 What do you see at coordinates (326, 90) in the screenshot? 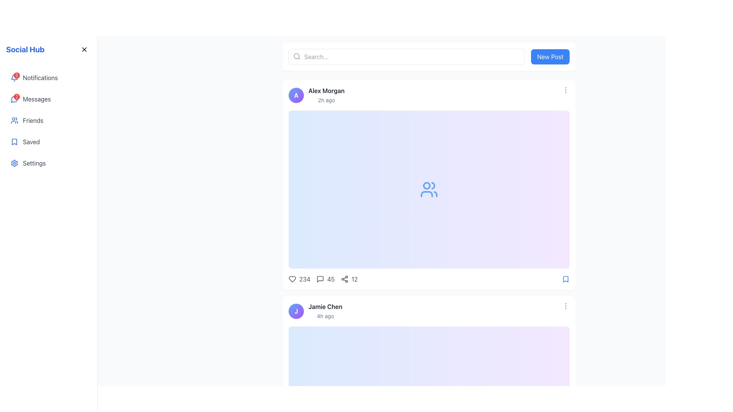
I see `text label displaying the author's name located at the top-left of the post content box, above the '2h ago' text` at bounding box center [326, 90].